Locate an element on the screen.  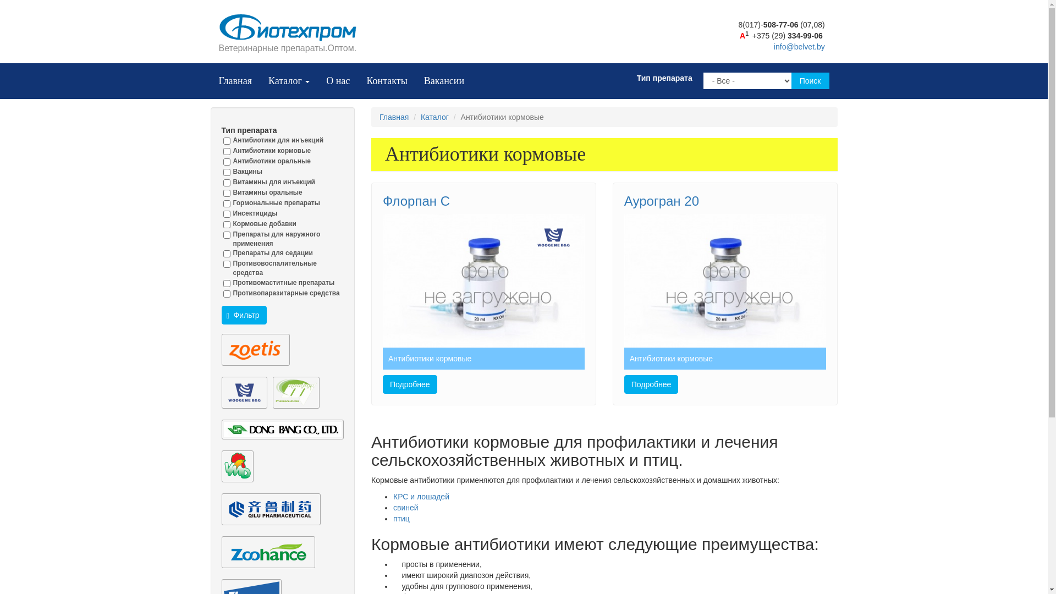
'Qilu Animal Health Products' is located at coordinates (270, 509).